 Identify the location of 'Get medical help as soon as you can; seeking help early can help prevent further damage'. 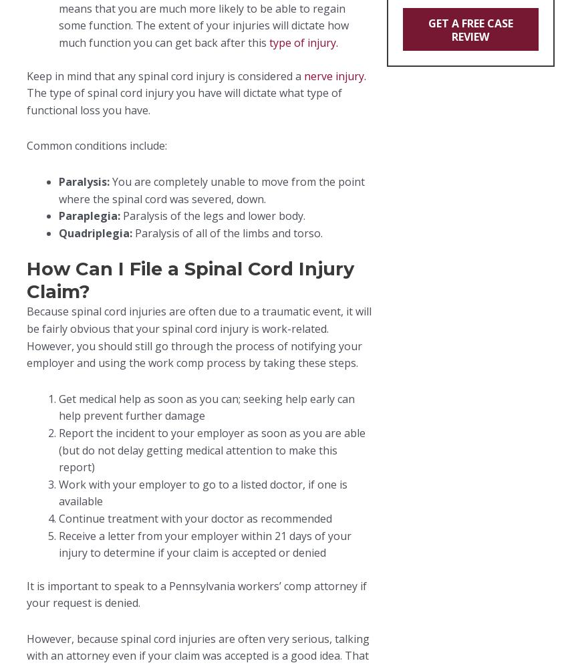
(206, 406).